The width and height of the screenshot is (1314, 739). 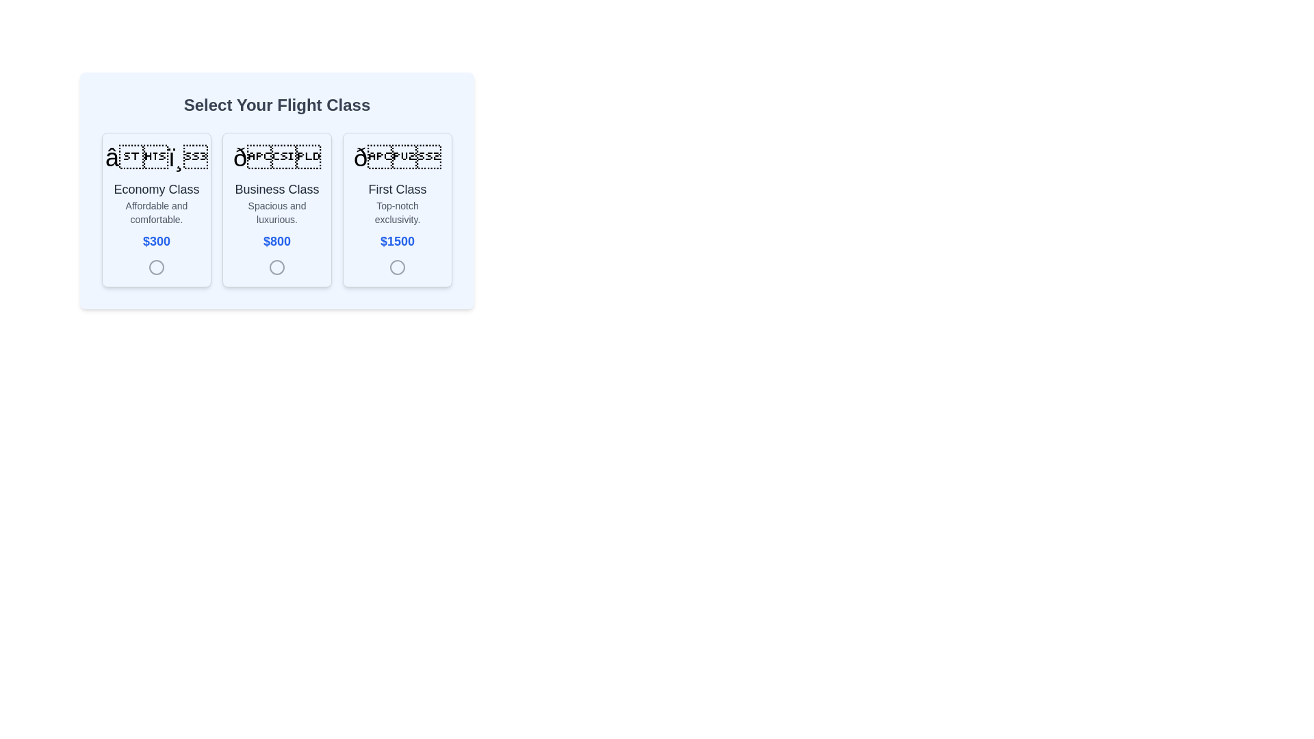 I want to click on the text label displaying 'Top-notch exclusivity.' which is part of the 'First Class' flight option, located below the title 'First Class' and above the price '$1500', so click(x=396, y=213).